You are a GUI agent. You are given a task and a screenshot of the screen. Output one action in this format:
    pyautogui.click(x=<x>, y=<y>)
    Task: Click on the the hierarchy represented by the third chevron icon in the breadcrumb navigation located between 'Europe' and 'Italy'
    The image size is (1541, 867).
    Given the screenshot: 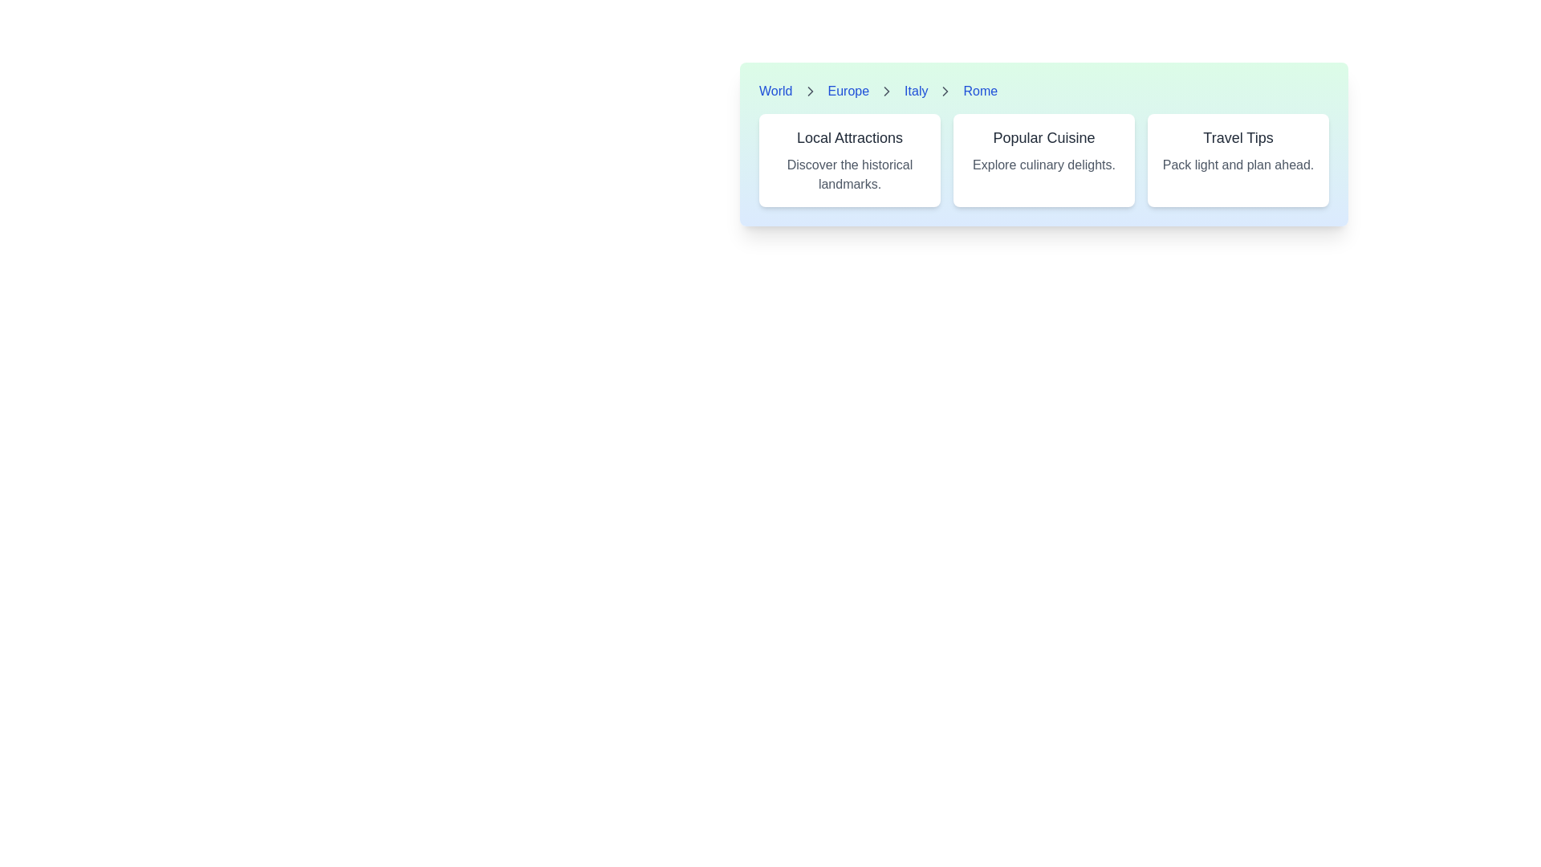 What is the action you would take?
    pyautogui.click(x=886, y=92)
    